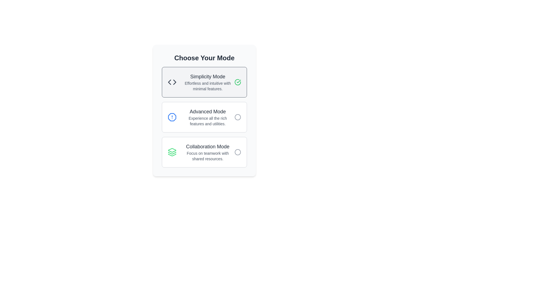  I want to click on the trapezoidal icon with a green border, which is the third component in a vertically stacked series of three shapes, so click(172, 155).